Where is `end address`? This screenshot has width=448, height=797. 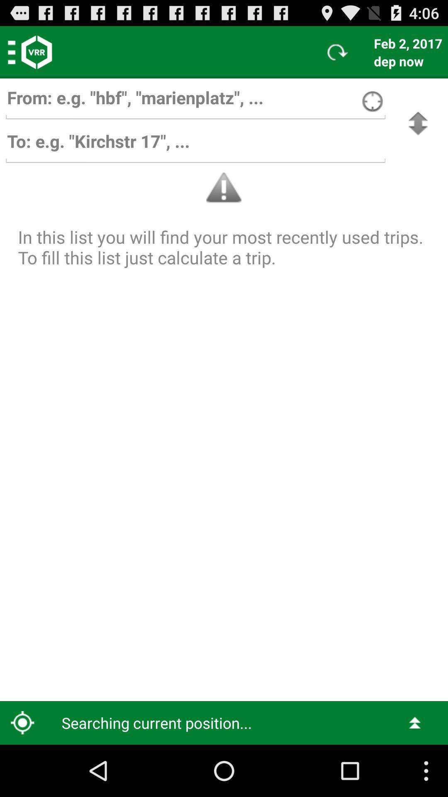 end address is located at coordinates (195, 145).